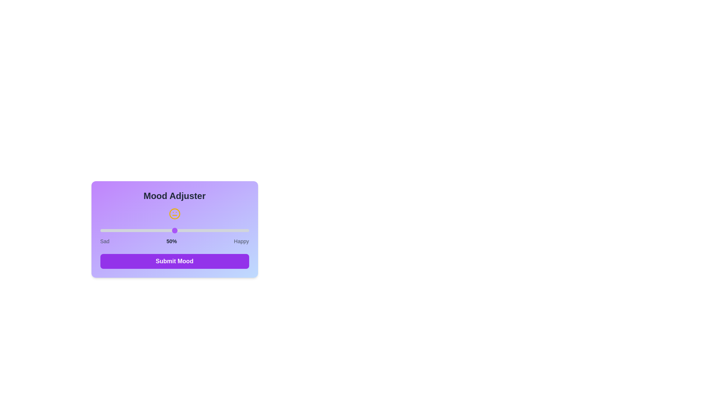  I want to click on the mood slider to 36% to observe the mood icon change, so click(153, 230).